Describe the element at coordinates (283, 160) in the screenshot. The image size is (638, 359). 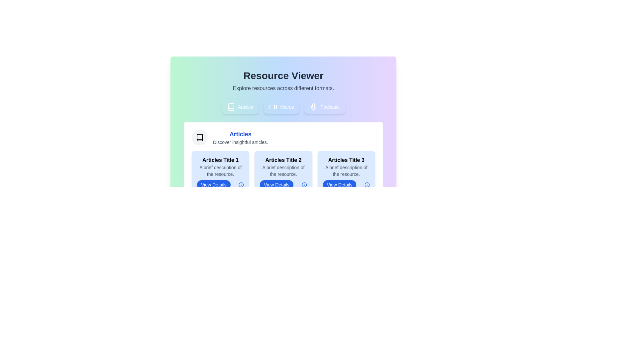
I see `title text block located at the top of the second card from the left in a three-column layout` at that location.